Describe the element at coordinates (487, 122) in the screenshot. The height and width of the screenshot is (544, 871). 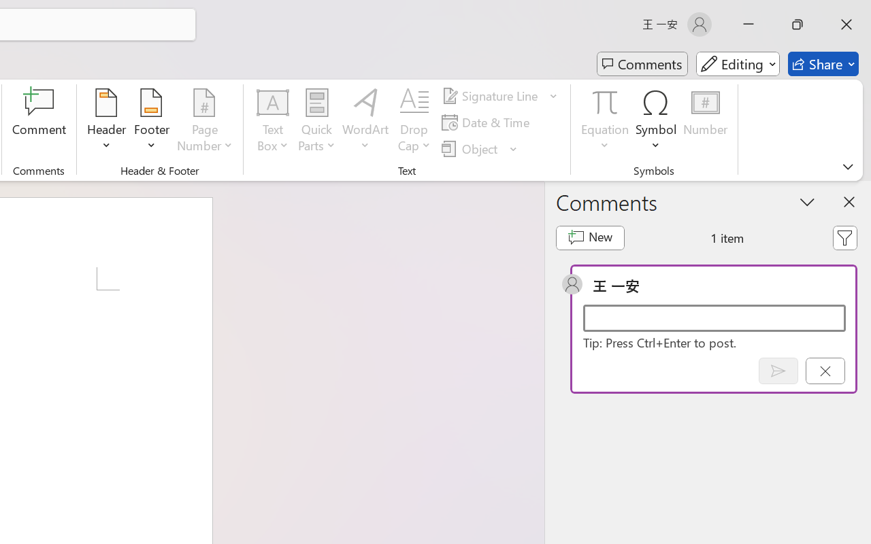
I see `'Date & Time...'` at that location.